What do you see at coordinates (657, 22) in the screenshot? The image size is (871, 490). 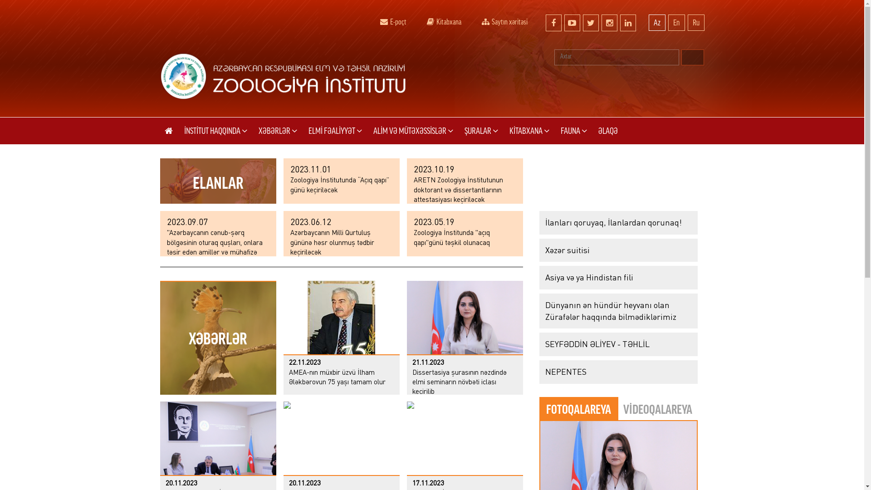 I see `'Az'` at bounding box center [657, 22].